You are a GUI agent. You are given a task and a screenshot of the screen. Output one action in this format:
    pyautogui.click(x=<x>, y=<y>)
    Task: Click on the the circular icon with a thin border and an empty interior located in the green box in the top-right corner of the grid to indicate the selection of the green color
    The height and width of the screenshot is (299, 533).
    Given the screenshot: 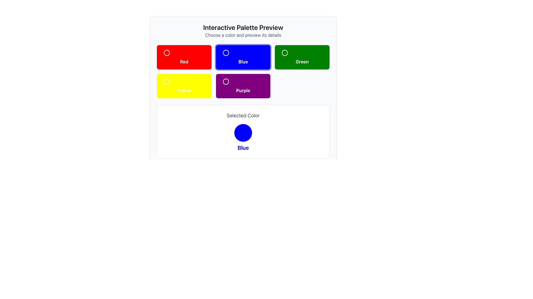 What is the action you would take?
    pyautogui.click(x=285, y=53)
    